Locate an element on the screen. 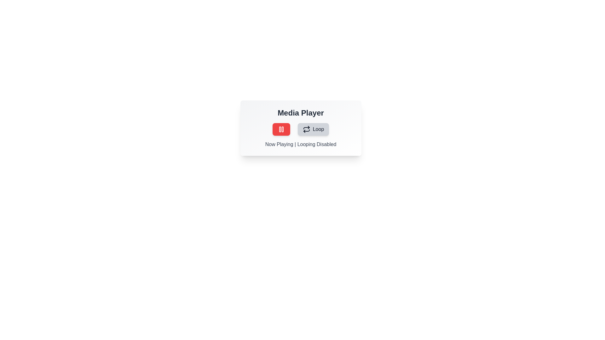 The image size is (605, 340). the loop button to toggle looping is located at coordinates (313, 129).